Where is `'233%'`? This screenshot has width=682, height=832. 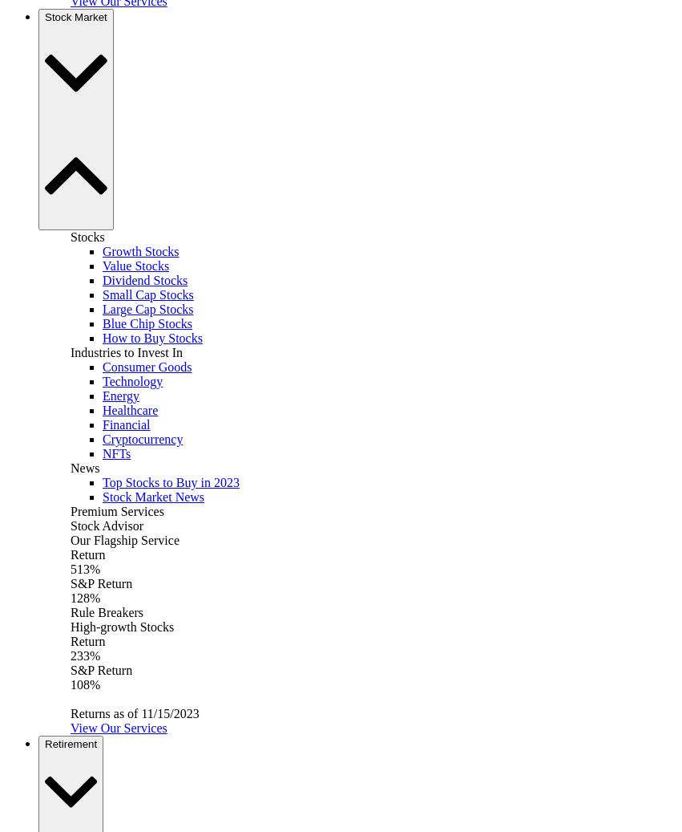 '233%' is located at coordinates (84, 655).